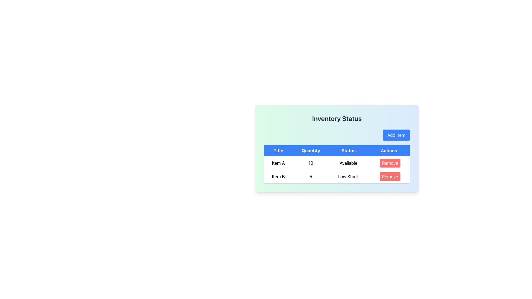  What do you see at coordinates (388, 163) in the screenshot?
I see `the 'Remove' button with a red background and white text that appears in the 'Actions' column next to 'Item A'` at bounding box center [388, 163].